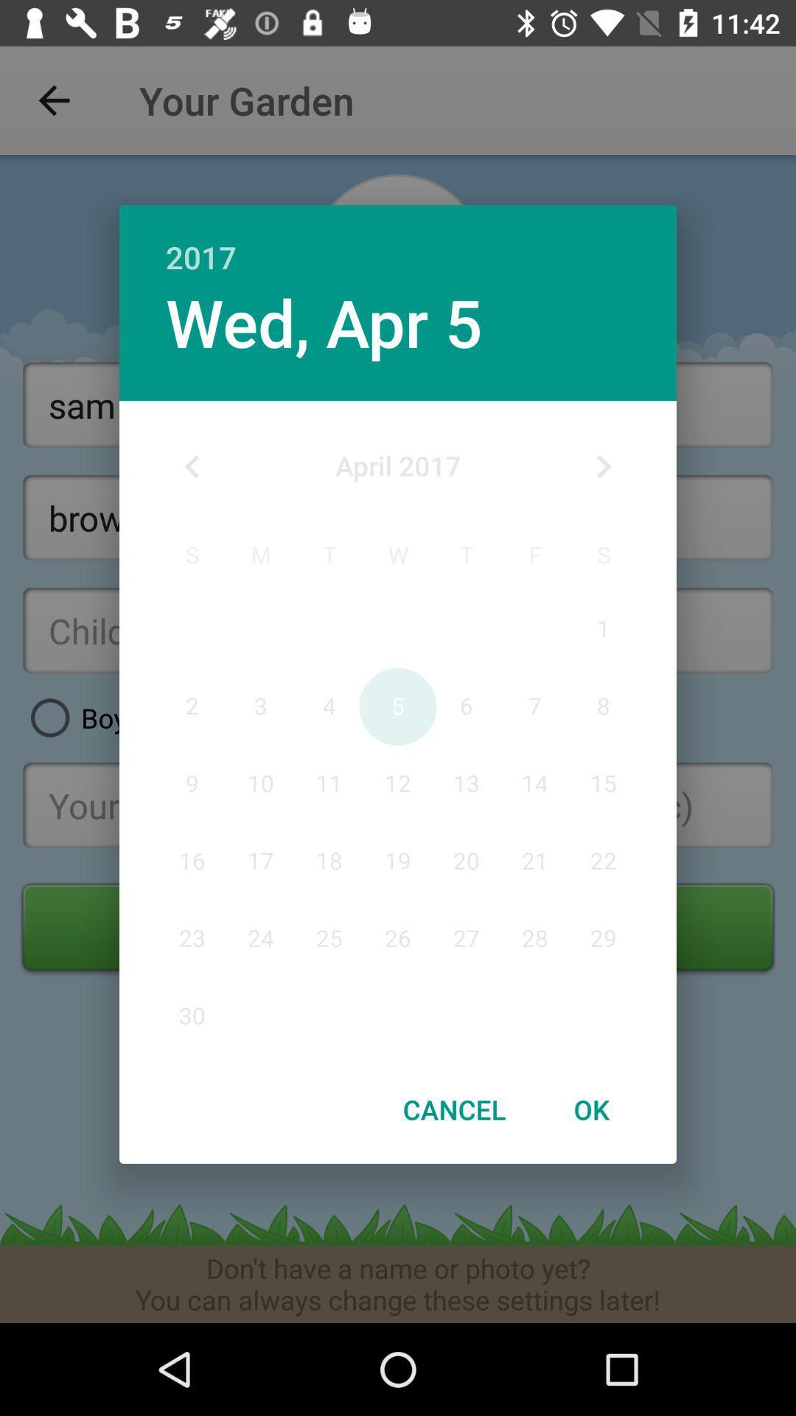 Image resolution: width=796 pixels, height=1416 pixels. What do you see at coordinates (453, 1109) in the screenshot?
I see `the item next to ok item` at bounding box center [453, 1109].